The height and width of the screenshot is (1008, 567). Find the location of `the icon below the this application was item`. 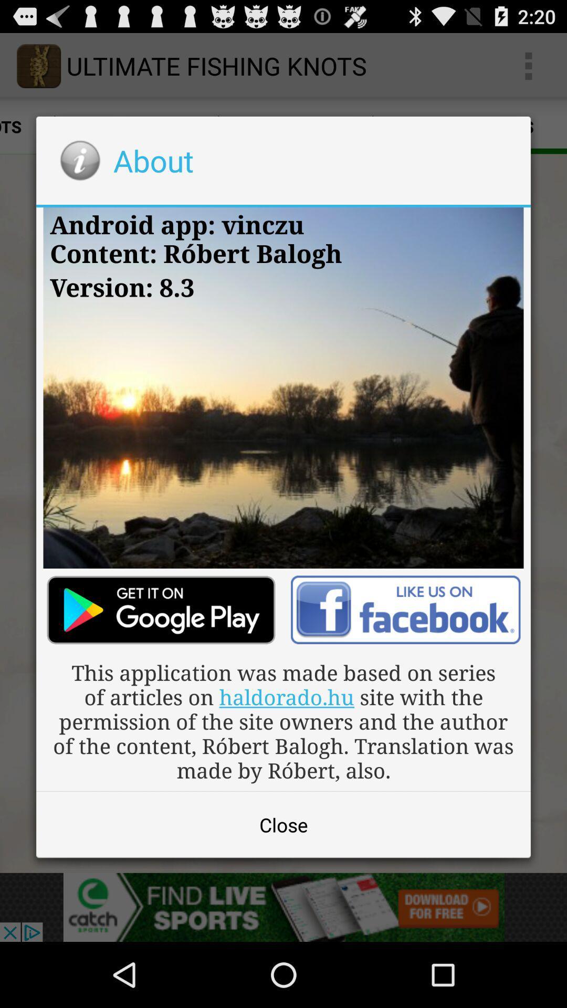

the icon below the this application was item is located at coordinates (283, 824).